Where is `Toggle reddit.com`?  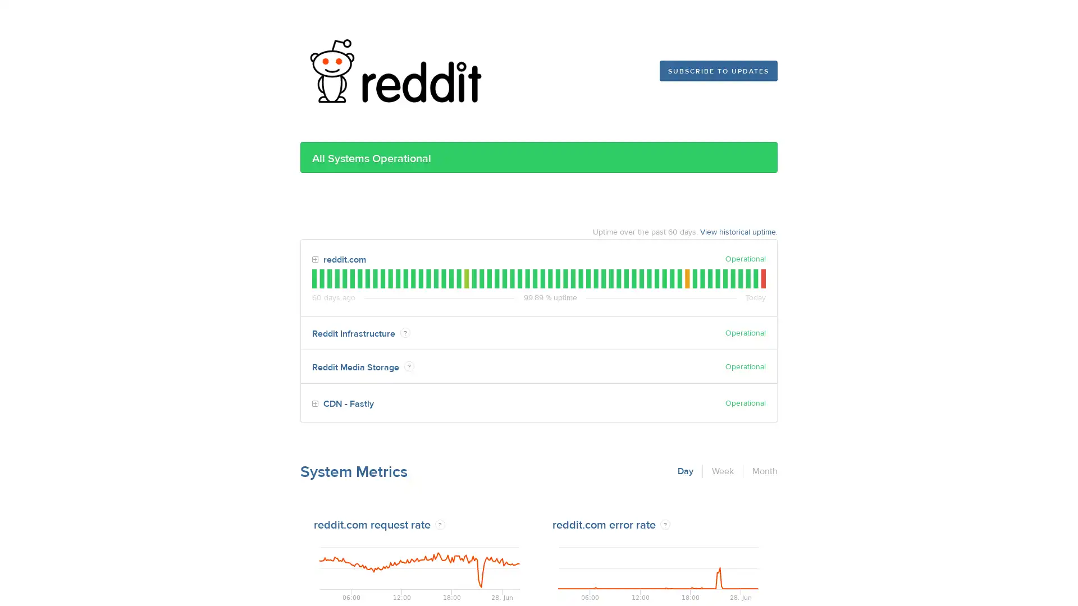
Toggle reddit.com is located at coordinates (314, 259).